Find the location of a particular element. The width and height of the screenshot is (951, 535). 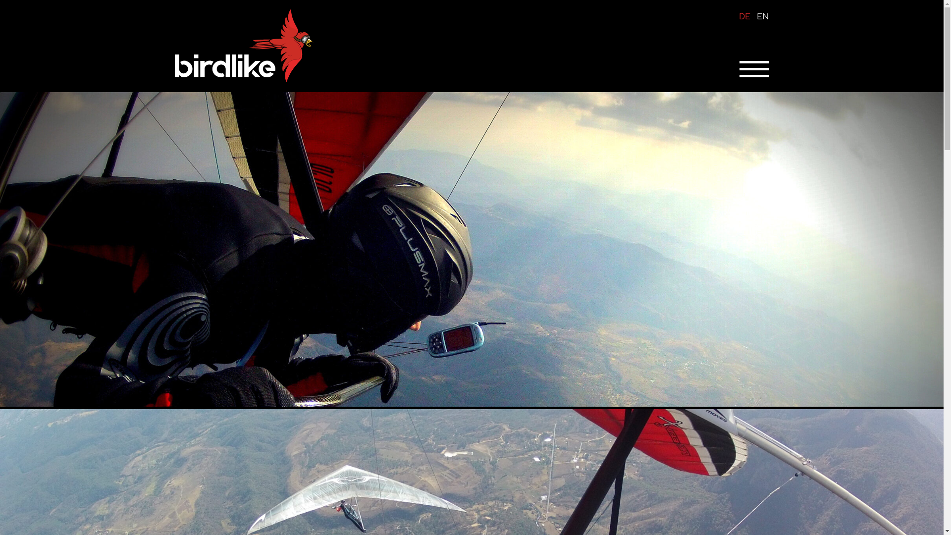

'DE' is located at coordinates (739, 17).